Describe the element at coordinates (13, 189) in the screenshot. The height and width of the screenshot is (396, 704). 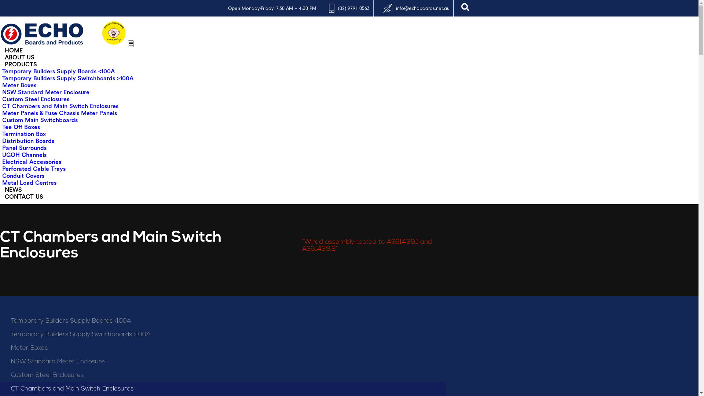
I see `'NEWS'` at that location.